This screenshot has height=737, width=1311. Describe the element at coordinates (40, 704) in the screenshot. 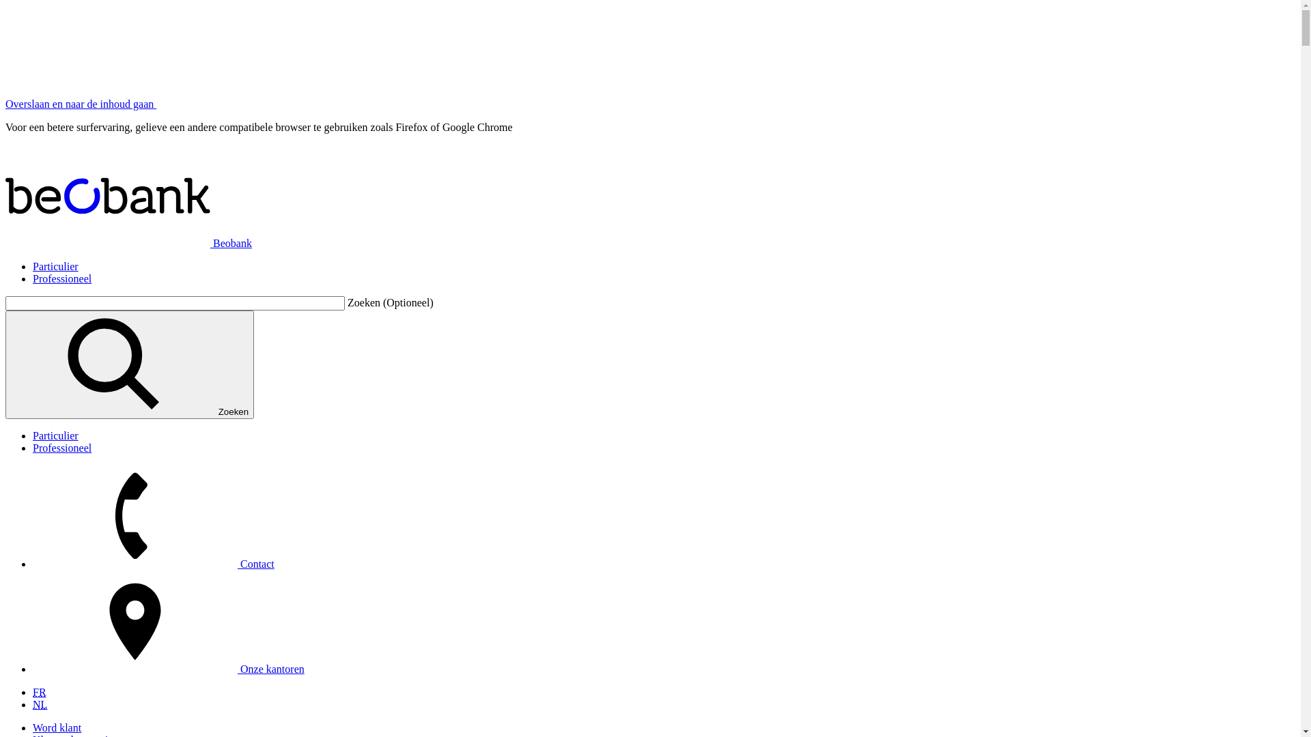

I see `'NL'` at that location.